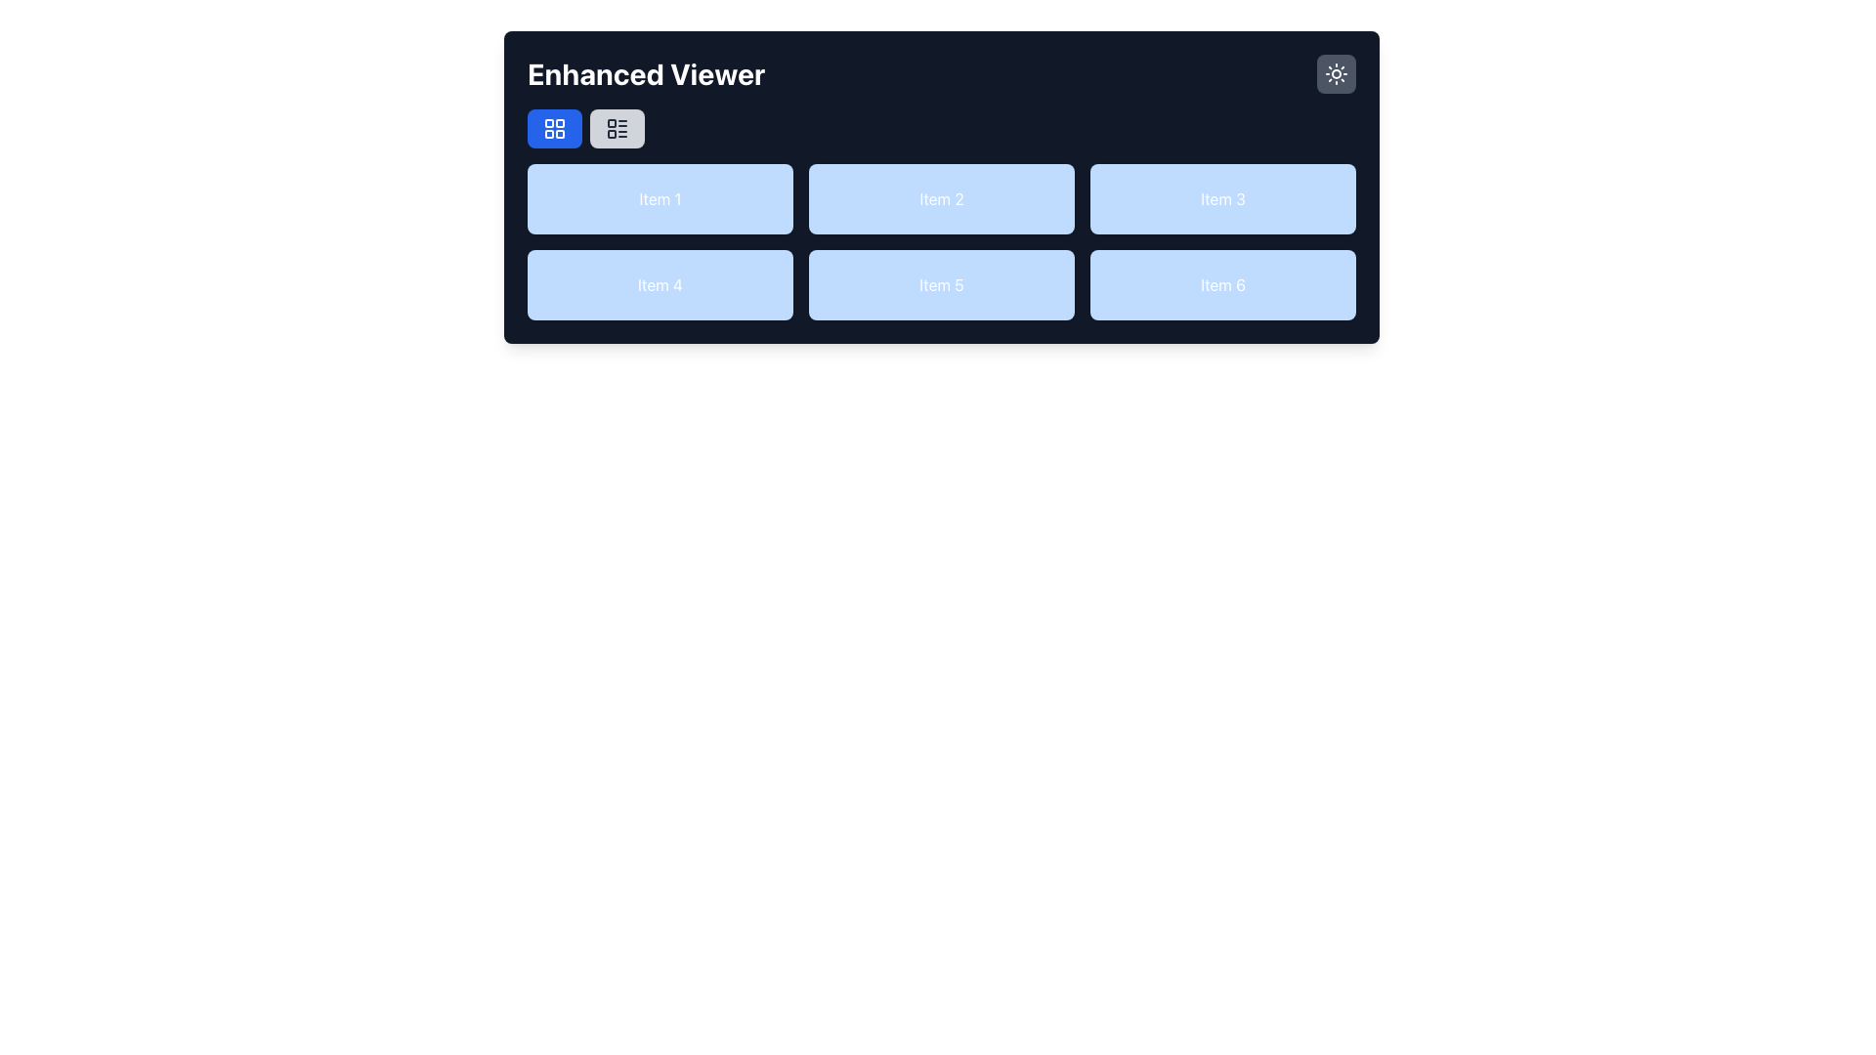 The height and width of the screenshot is (1055, 1876). I want to click on the Static informational card labeled 'Item 5' located in the second row and second column of a 3x2 grid layout, so click(942, 285).